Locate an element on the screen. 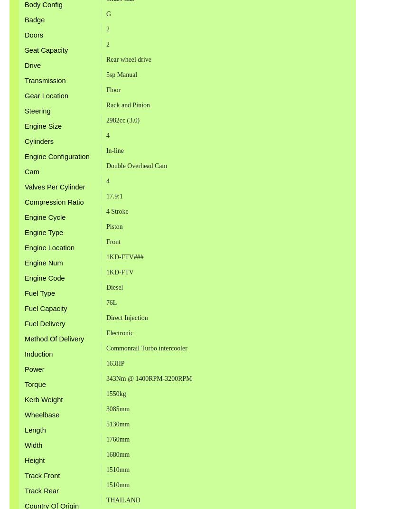 This screenshot has width=401, height=509. 'Direct Injection' is located at coordinates (105, 317).